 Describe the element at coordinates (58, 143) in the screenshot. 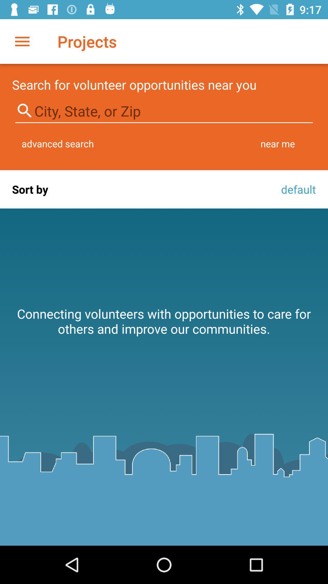

I see `advanced search icon` at that location.